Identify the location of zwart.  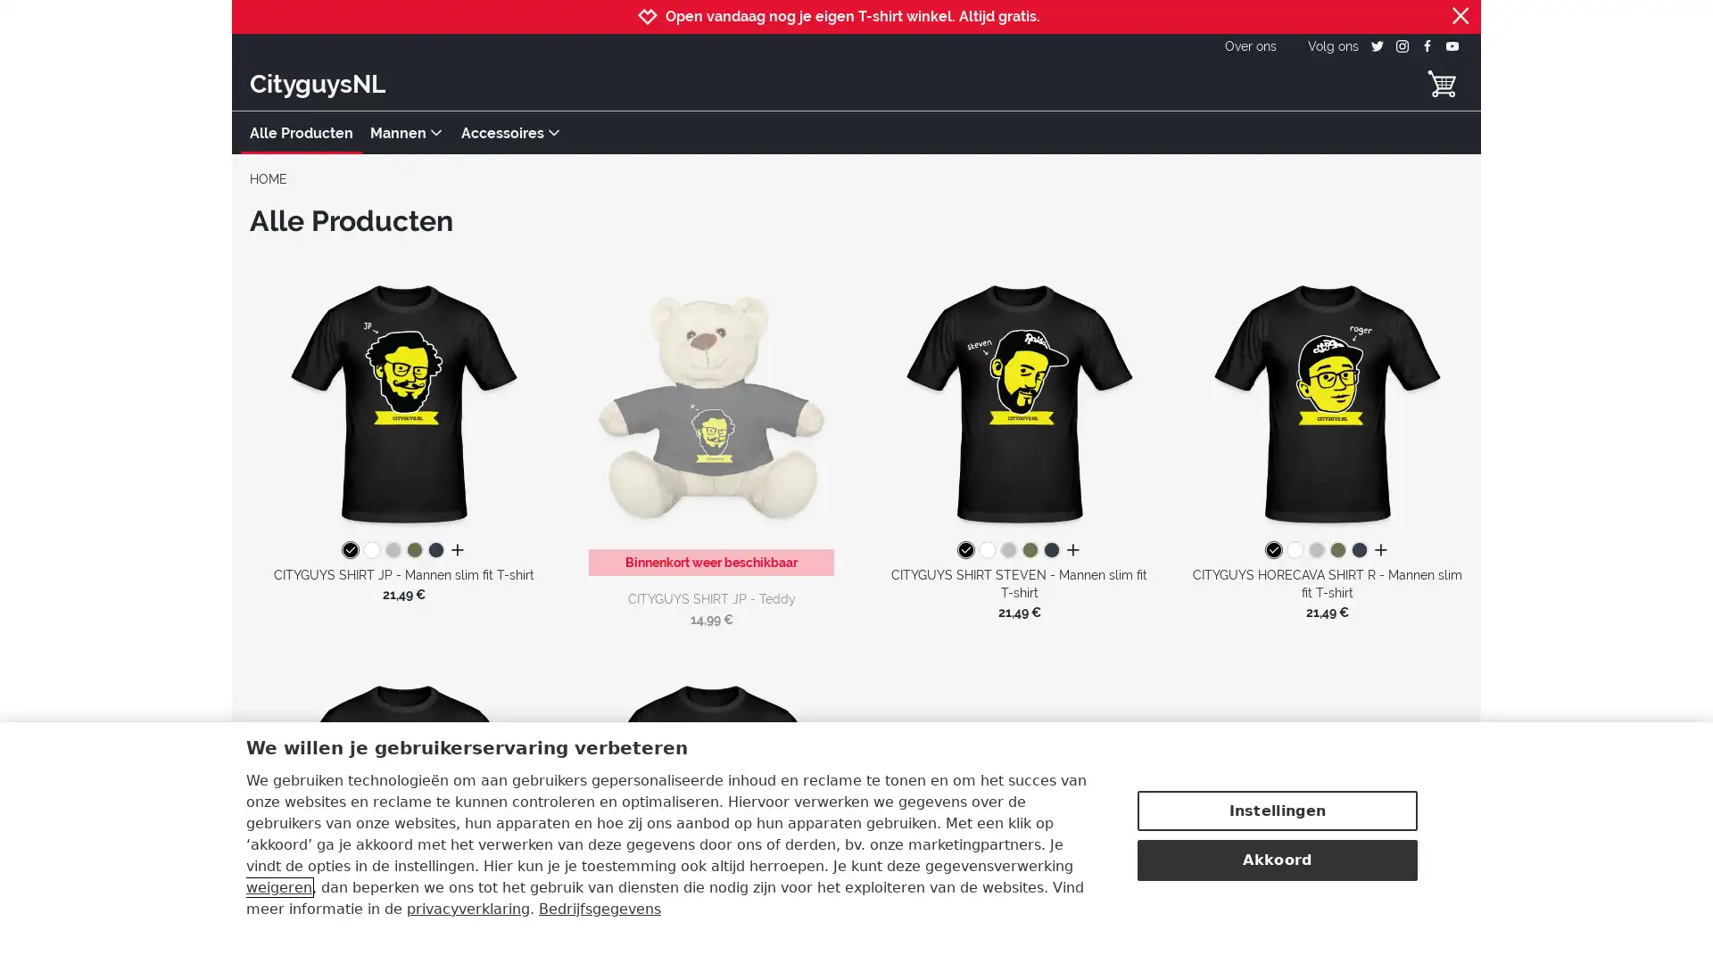
(1271, 550).